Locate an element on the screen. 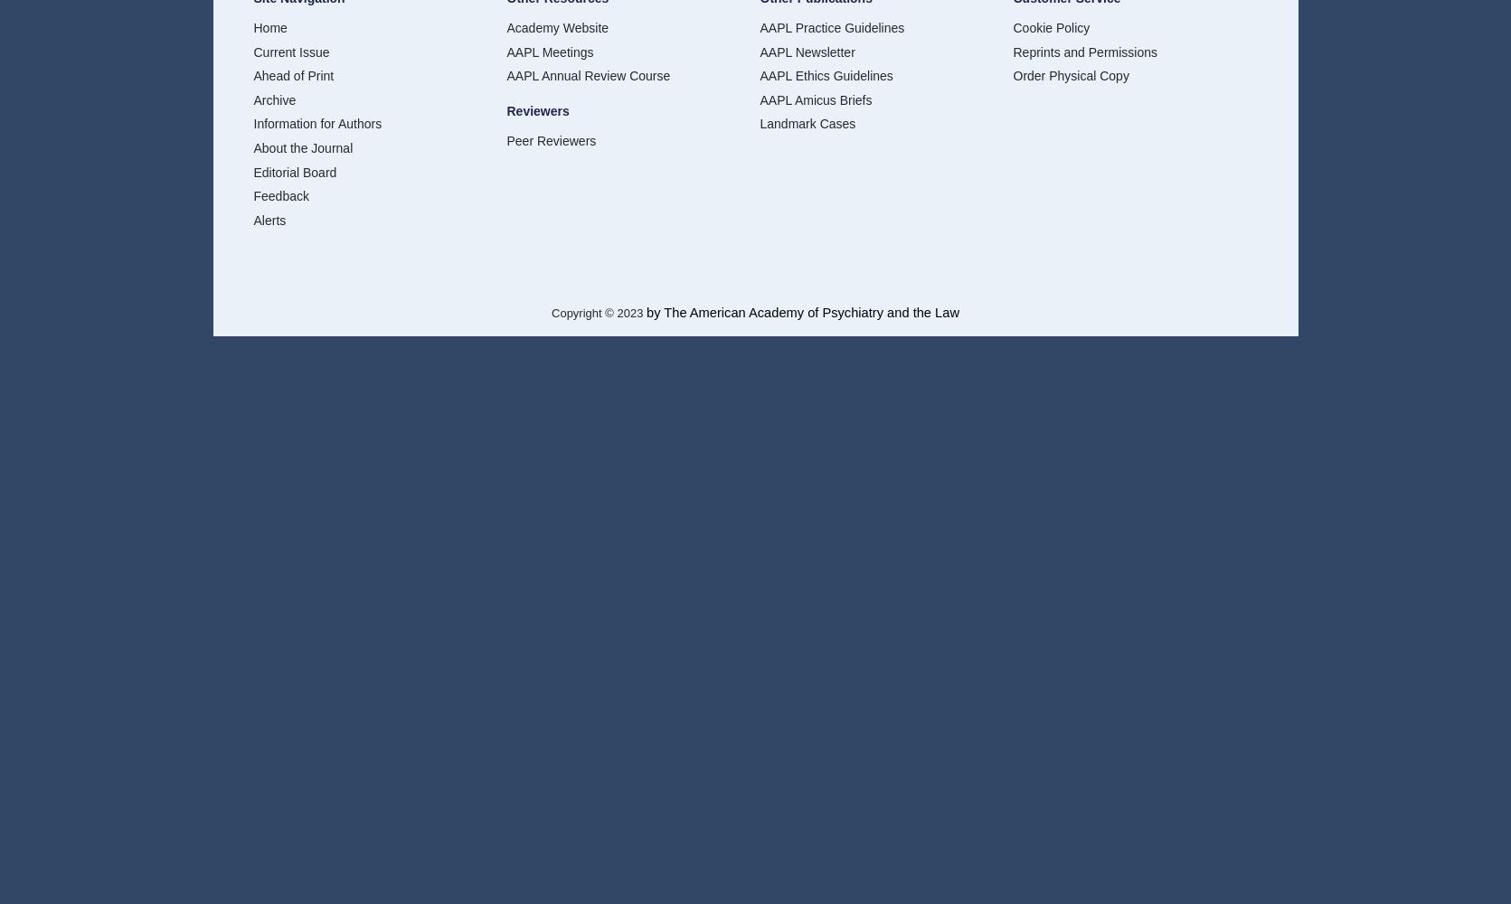 This screenshot has height=904, width=1511. 'by The American Academy of Psychiatry and the Law' is located at coordinates (801, 312).